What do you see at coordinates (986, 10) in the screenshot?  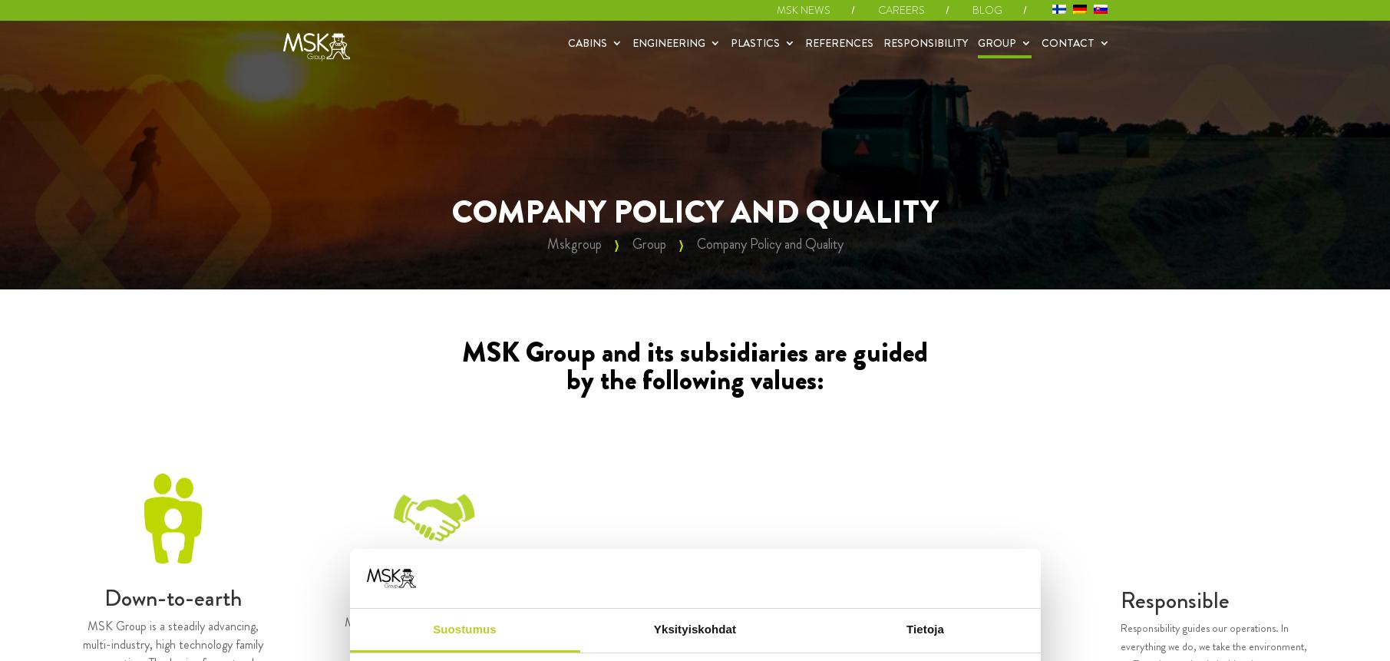 I see `'Blog'` at bounding box center [986, 10].